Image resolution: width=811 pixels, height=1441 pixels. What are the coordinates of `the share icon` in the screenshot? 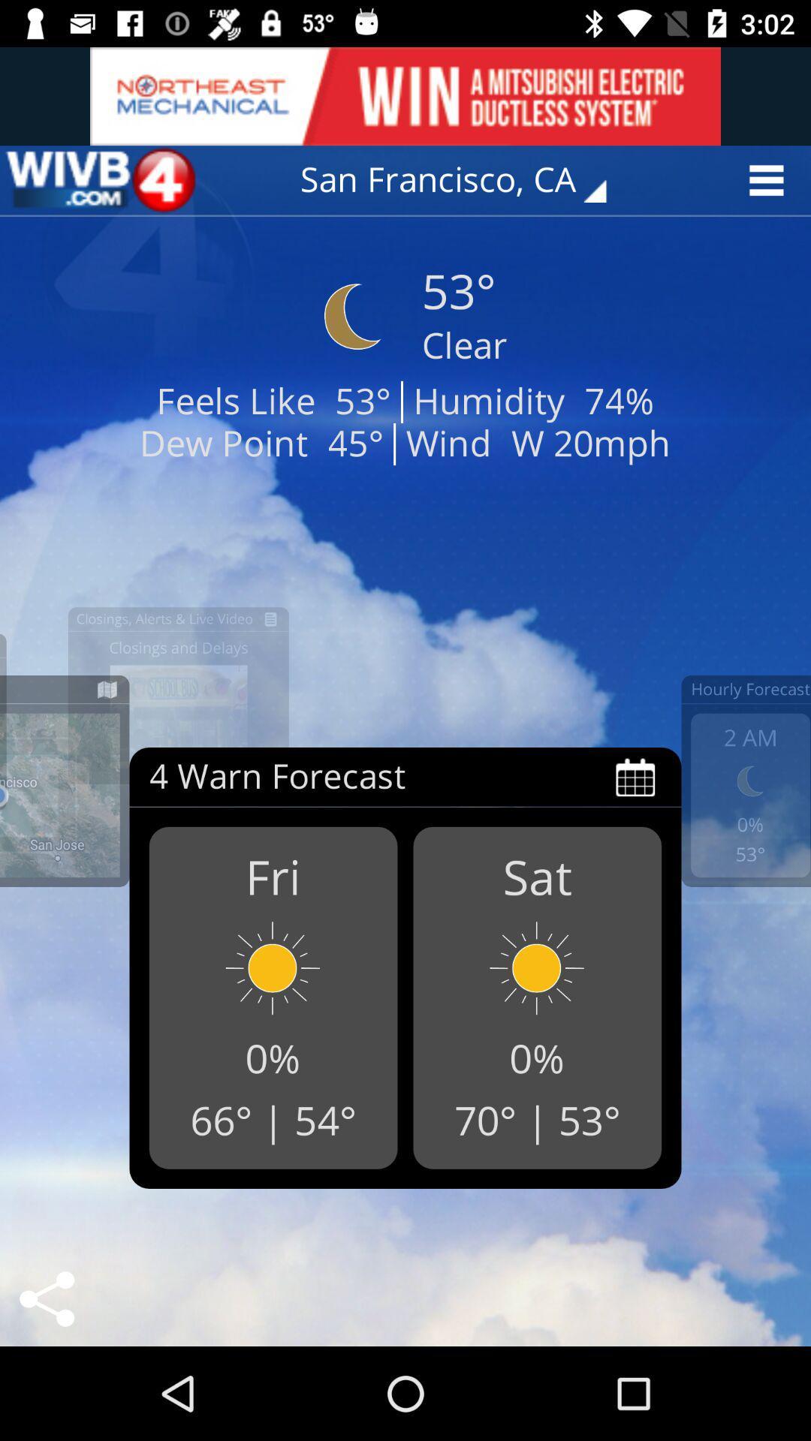 It's located at (46, 1298).